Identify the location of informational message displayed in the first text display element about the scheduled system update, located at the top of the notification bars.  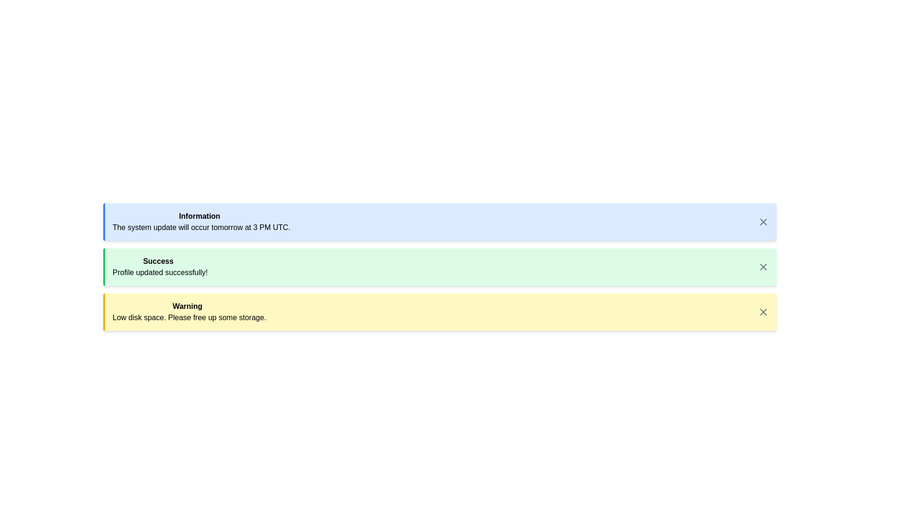
(201, 222).